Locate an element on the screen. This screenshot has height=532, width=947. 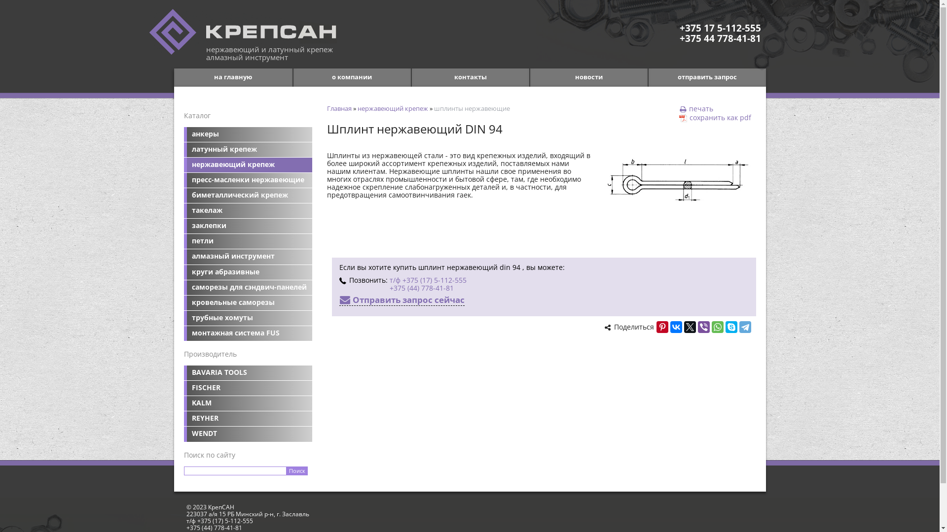
'KALM' is located at coordinates (183, 403).